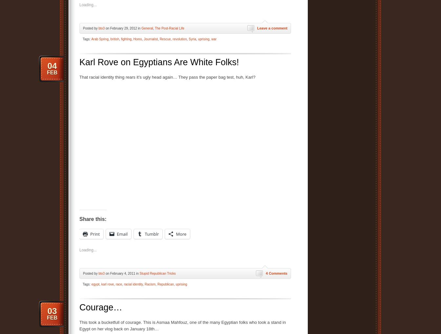 This screenshot has width=441, height=334. What do you see at coordinates (150, 284) in the screenshot?
I see `'Racism'` at bounding box center [150, 284].